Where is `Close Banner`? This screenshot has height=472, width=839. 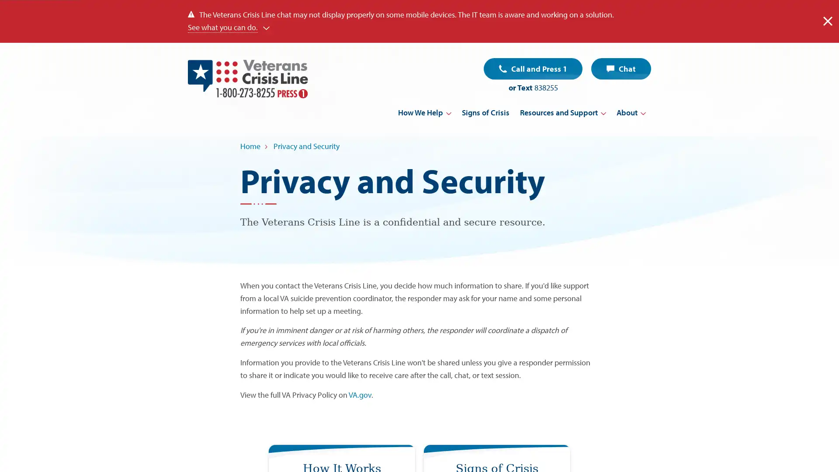
Close Banner is located at coordinates (827, 21).